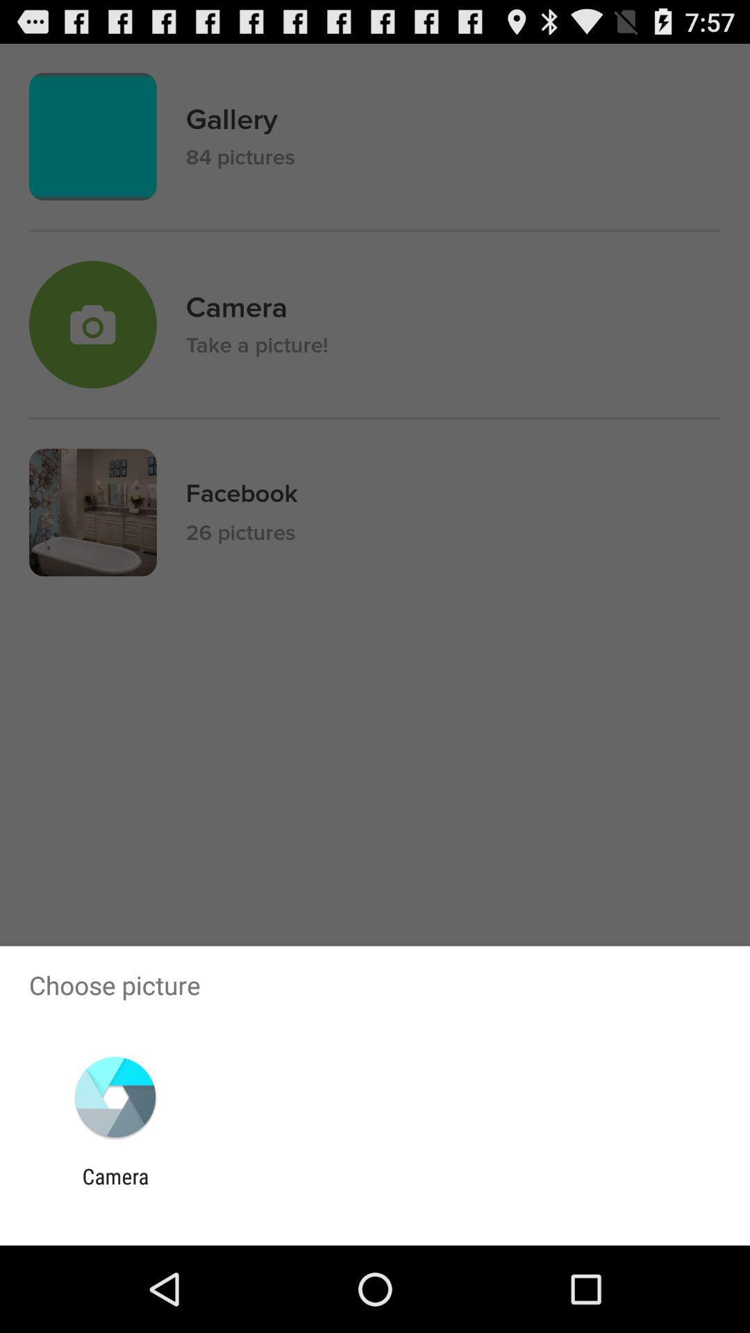 The width and height of the screenshot is (750, 1333). Describe the element at coordinates (115, 1096) in the screenshot. I see `app above the camera item` at that location.